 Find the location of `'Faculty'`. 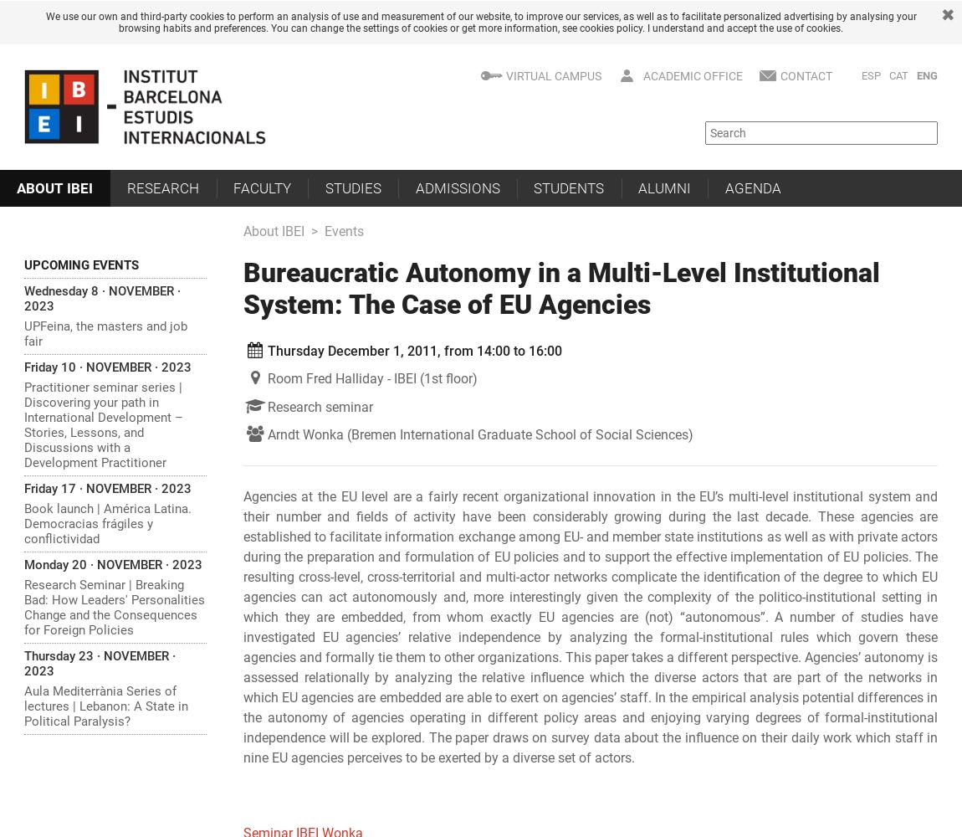

'Faculty' is located at coordinates (261, 187).